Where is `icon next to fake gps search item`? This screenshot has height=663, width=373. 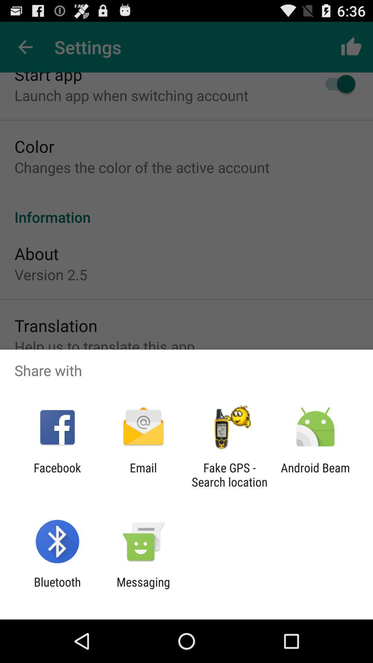
icon next to fake gps search item is located at coordinates (315, 474).